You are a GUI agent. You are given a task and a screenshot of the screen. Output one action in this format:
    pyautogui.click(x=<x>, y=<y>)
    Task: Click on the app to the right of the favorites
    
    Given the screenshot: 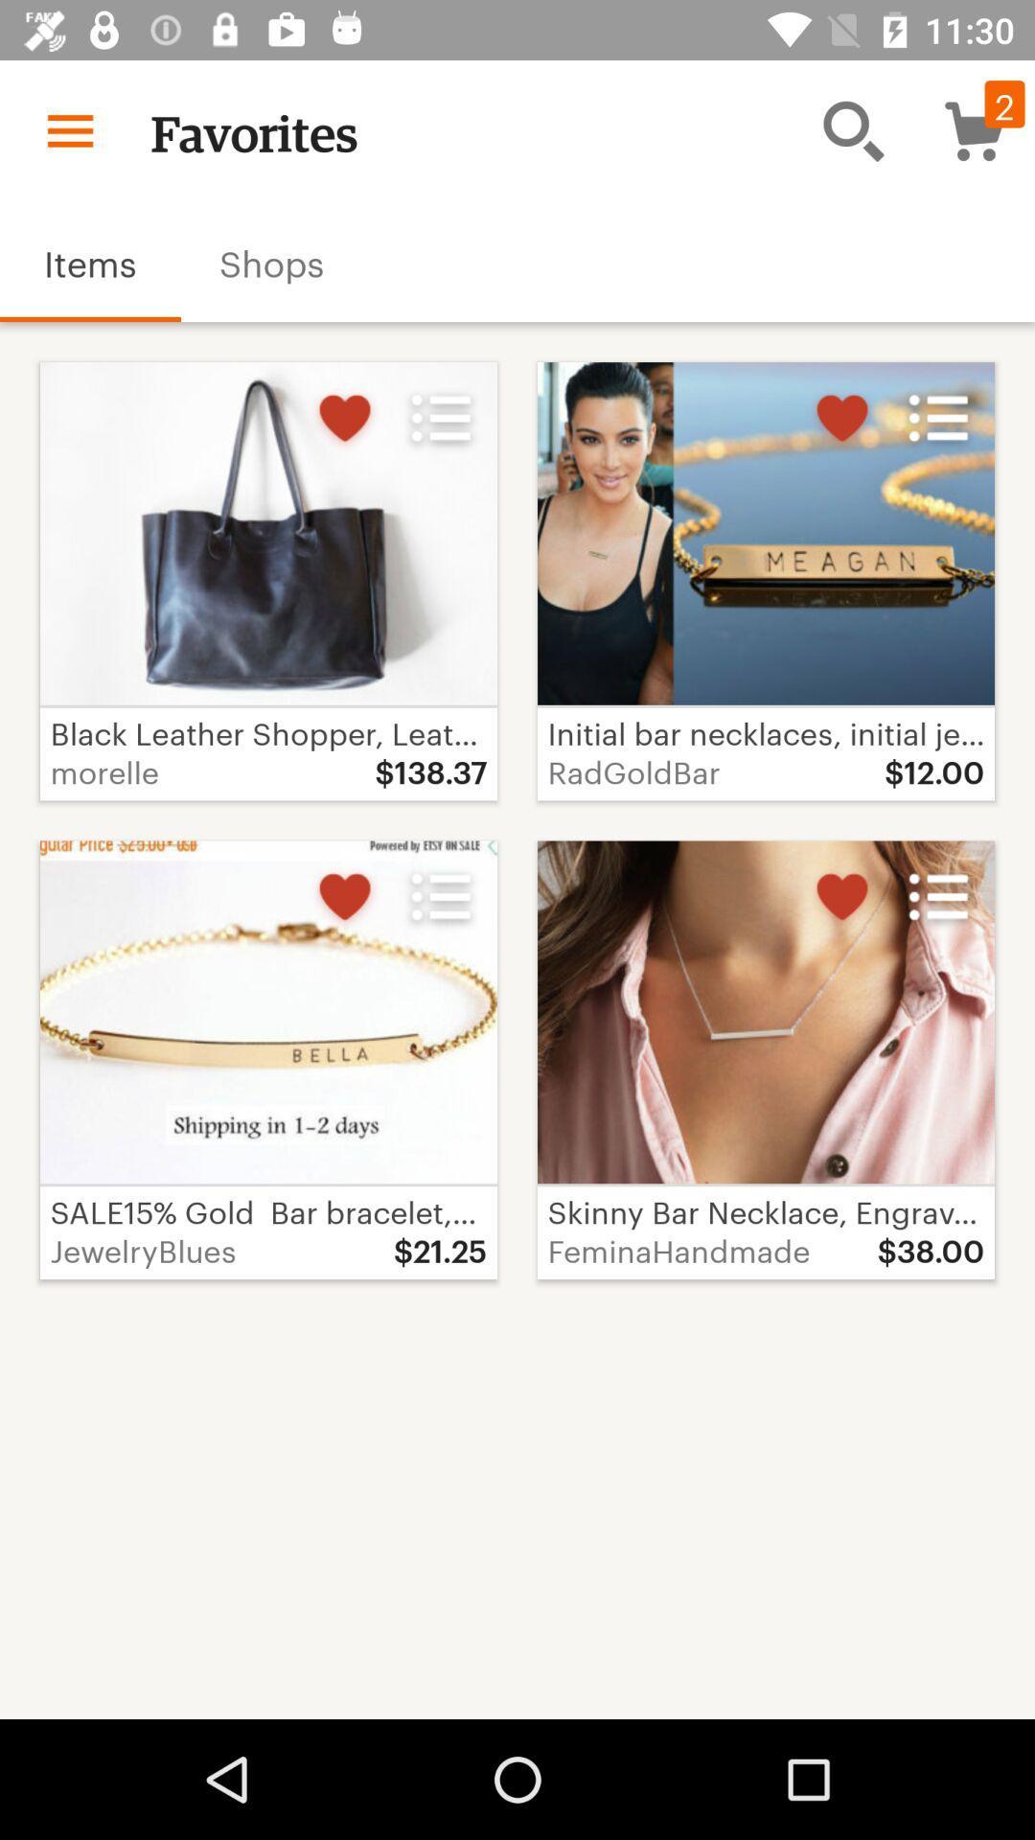 What is the action you would take?
    pyautogui.click(x=853, y=129)
    